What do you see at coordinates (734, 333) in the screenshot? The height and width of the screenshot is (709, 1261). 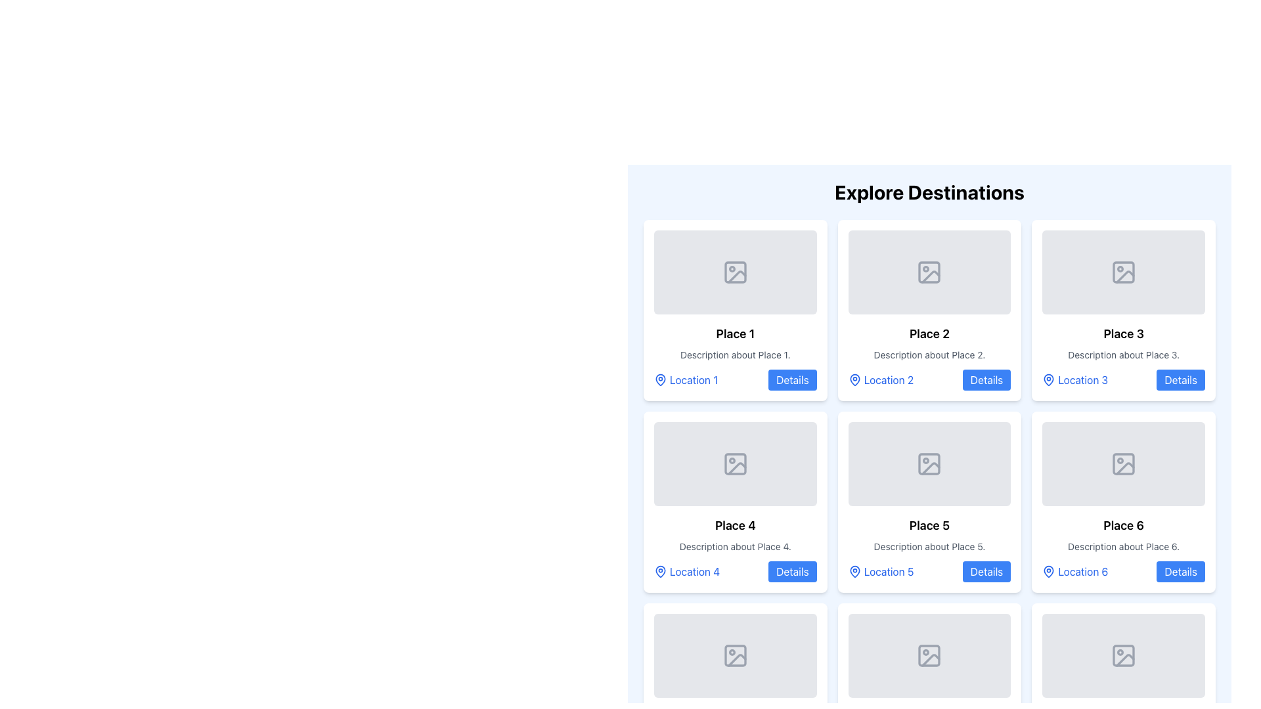 I see `the interactive text label 'Place 1' located within the first card in the 'Explore Destinations' section, positioned in the top-left corner of the grid` at bounding box center [734, 333].